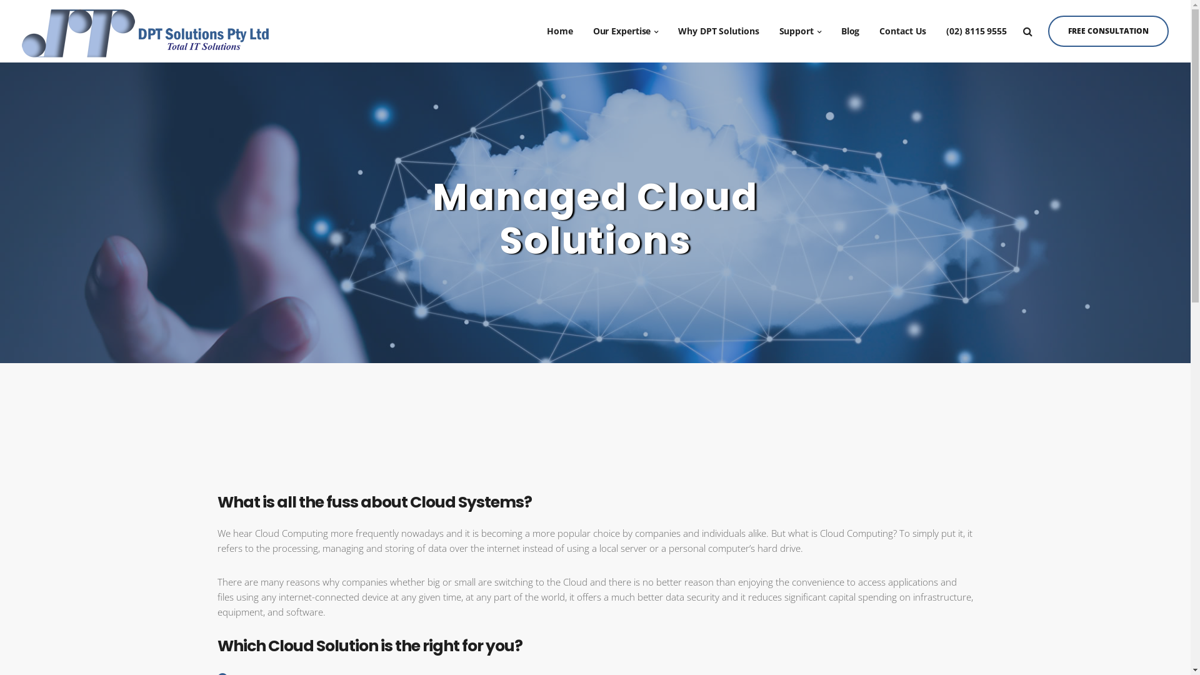 The width and height of the screenshot is (1200, 675). Describe the element at coordinates (936, 31) in the screenshot. I see `'(02) 8115 9555'` at that location.